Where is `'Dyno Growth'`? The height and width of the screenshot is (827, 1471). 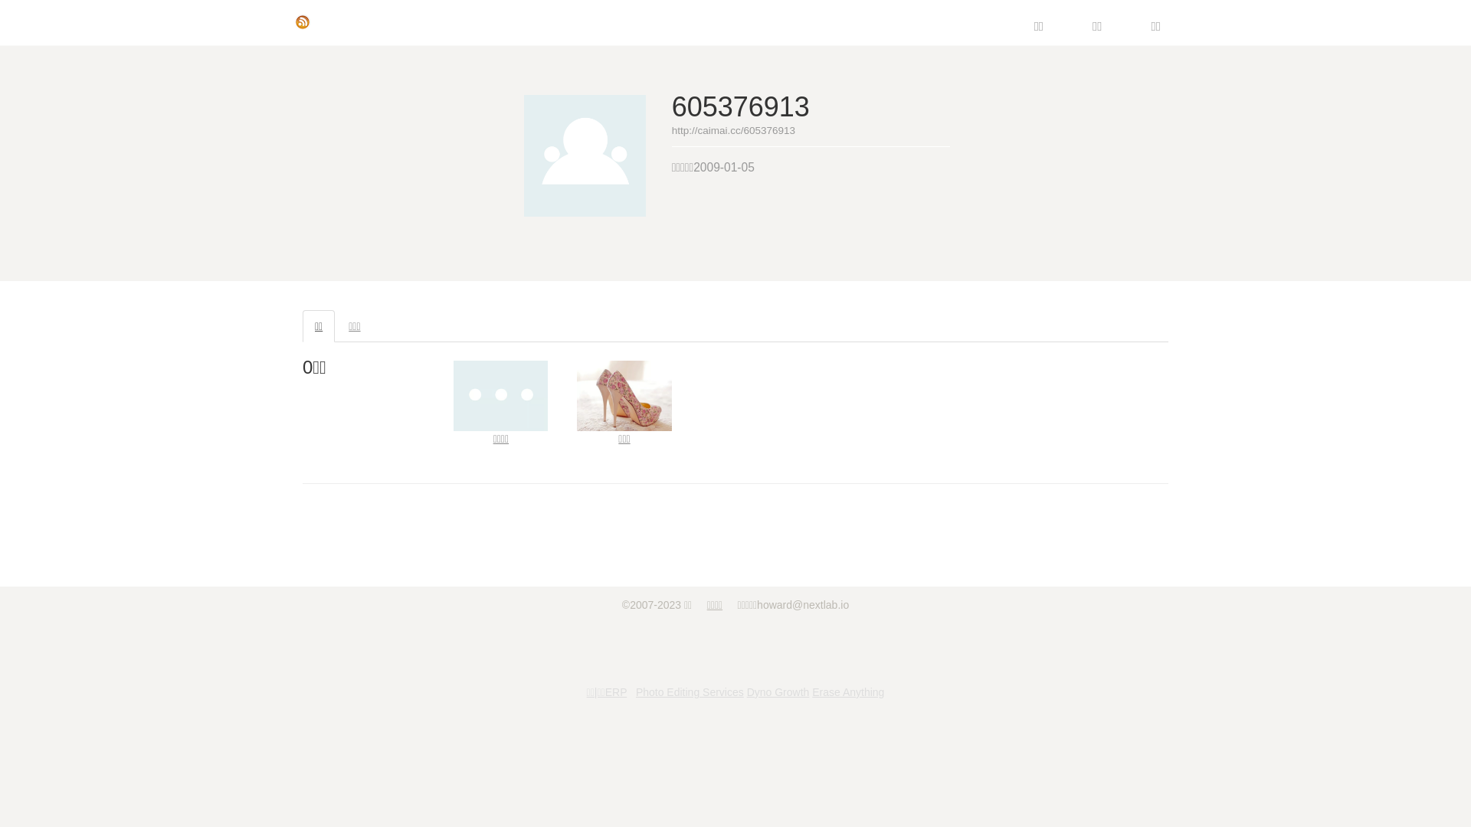
'Dyno Growth' is located at coordinates (778, 691).